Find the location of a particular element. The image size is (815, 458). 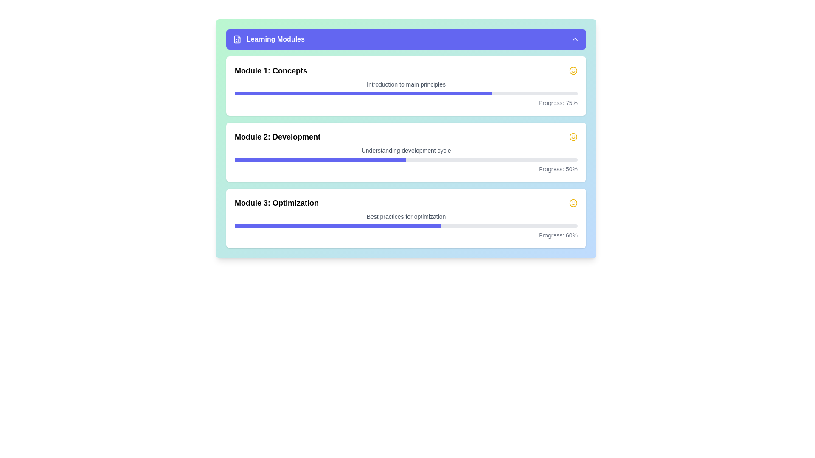

the text label that identifies the second module, titled 'Module 2: Development', for accessibility purposes is located at coordinates (277, 137).